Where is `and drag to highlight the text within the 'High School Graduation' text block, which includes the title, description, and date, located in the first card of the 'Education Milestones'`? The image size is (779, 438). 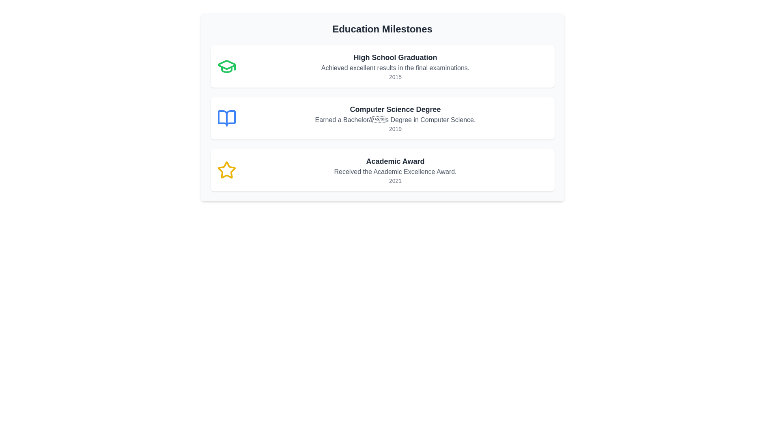 and drag to highlight the text within the 'High School Graduation' text block, which includes the title, description, and date, located in the first card of the 'Education Milestones' is located at coordinates (395, 66).